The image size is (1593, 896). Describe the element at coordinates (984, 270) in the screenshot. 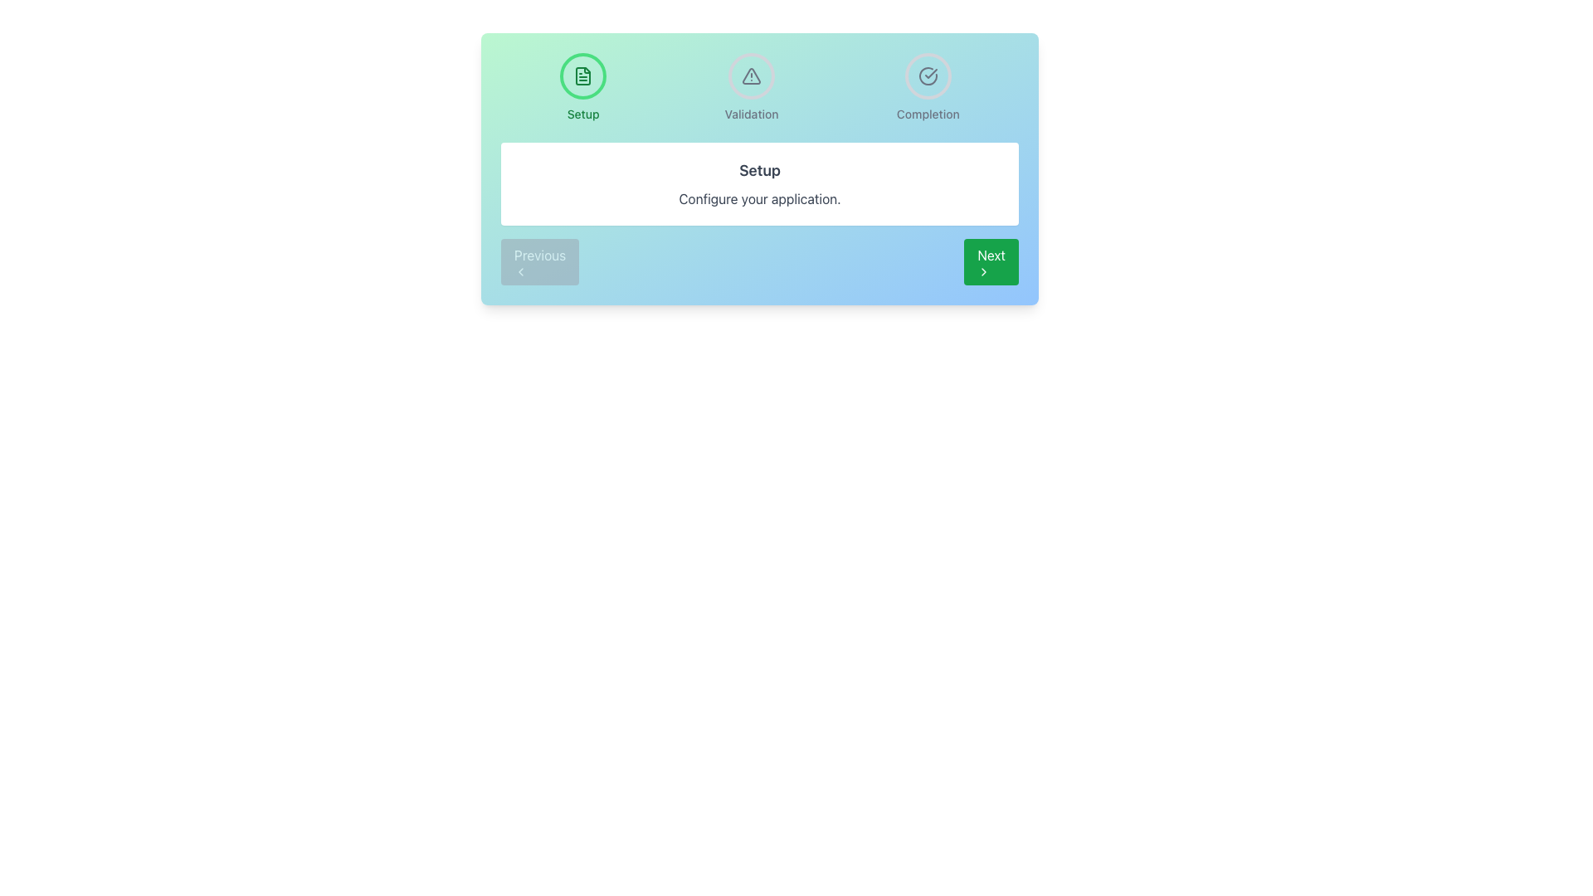

I see `the rightward chevron icon associated with the 'Next' button located in the bottom-right of the visible content area` at that location.